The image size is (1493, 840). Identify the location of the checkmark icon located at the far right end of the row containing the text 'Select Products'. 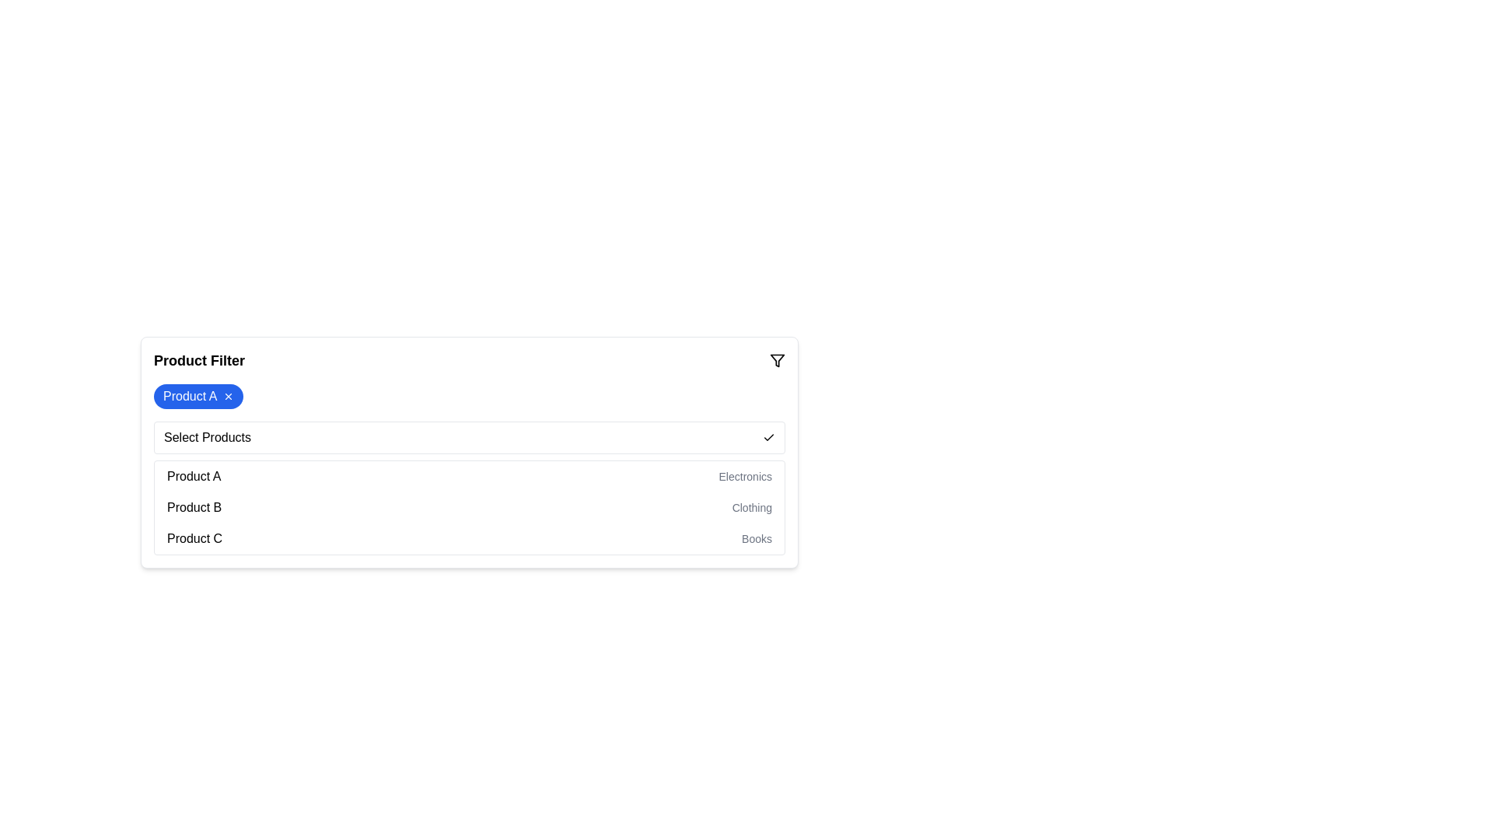
(768, 438).